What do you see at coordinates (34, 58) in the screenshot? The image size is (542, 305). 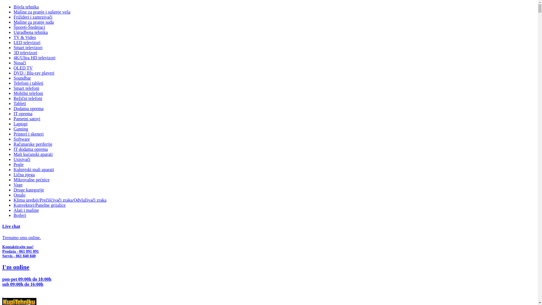 I see `'4K/Ultra HD televizori'` at bounding box center [34, 58].